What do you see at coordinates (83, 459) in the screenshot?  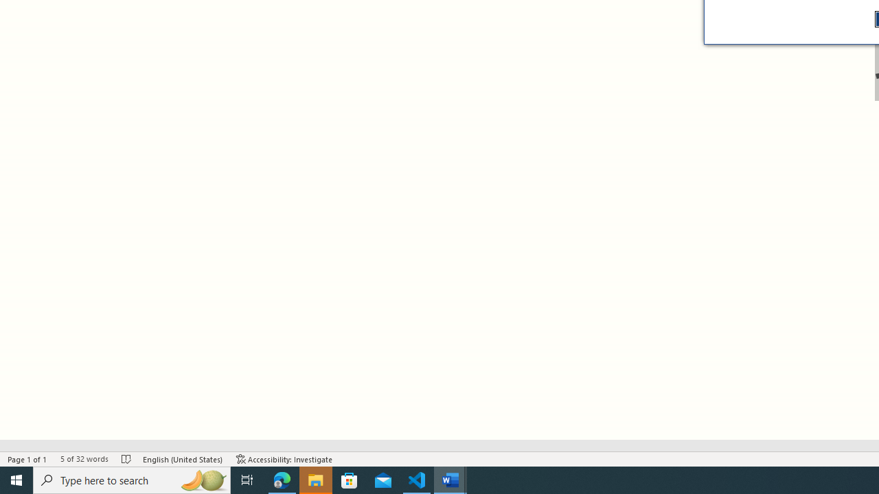 I see `'Word Count 5 of 32 words'` at bounding box center [83, 459].